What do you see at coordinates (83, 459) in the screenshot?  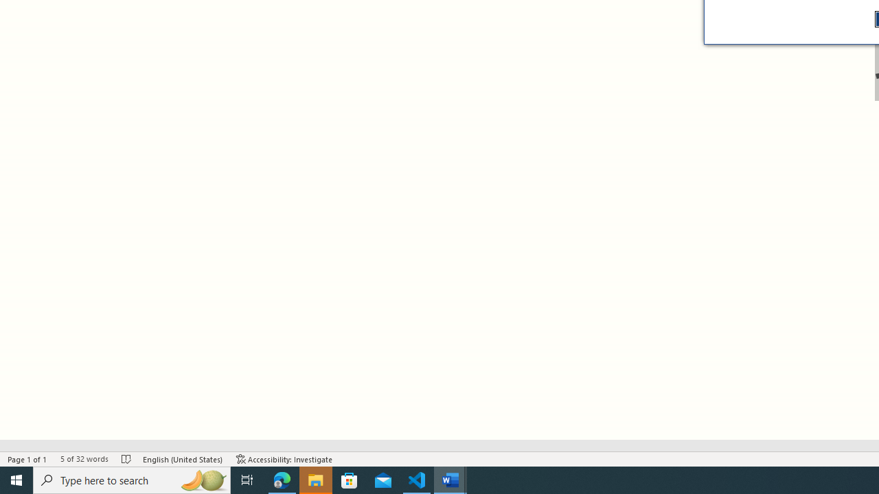 I see `'Word Count 5 of 32 words'` at bounding box center [83, 459].